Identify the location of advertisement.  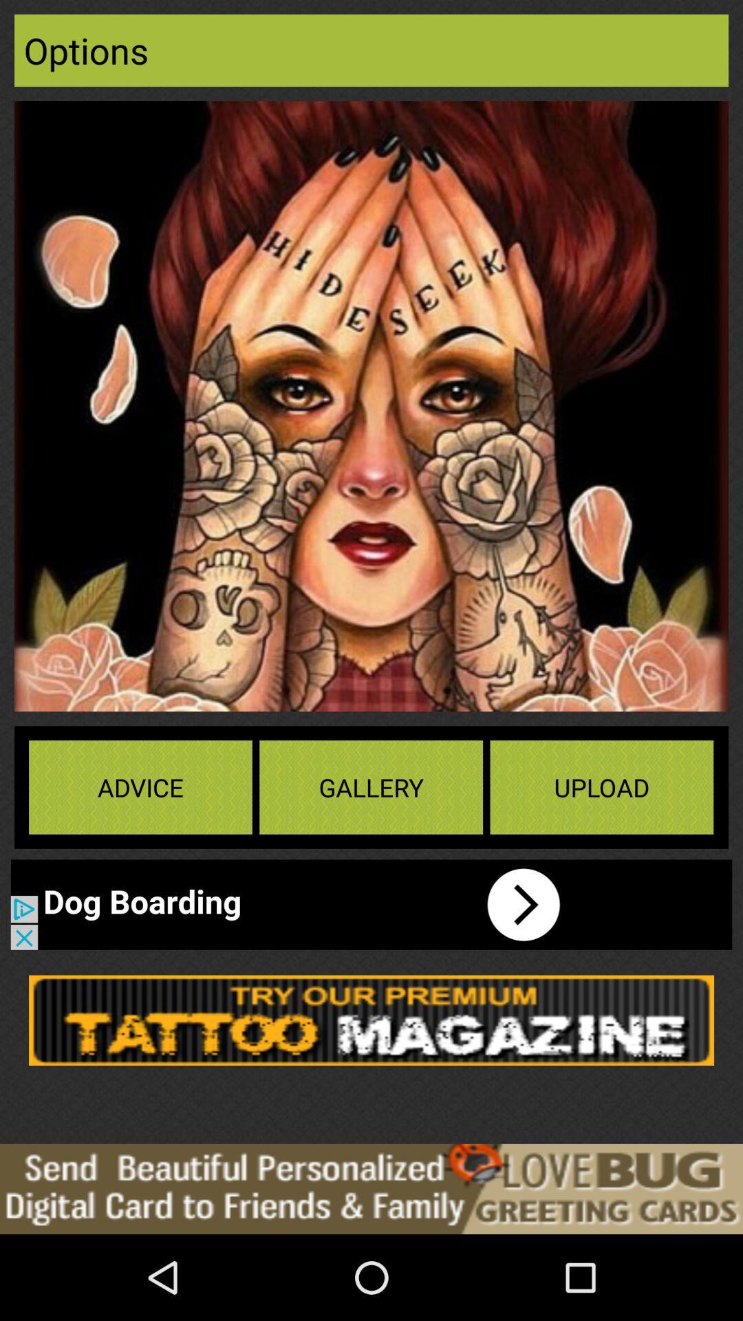
(371, 1188).